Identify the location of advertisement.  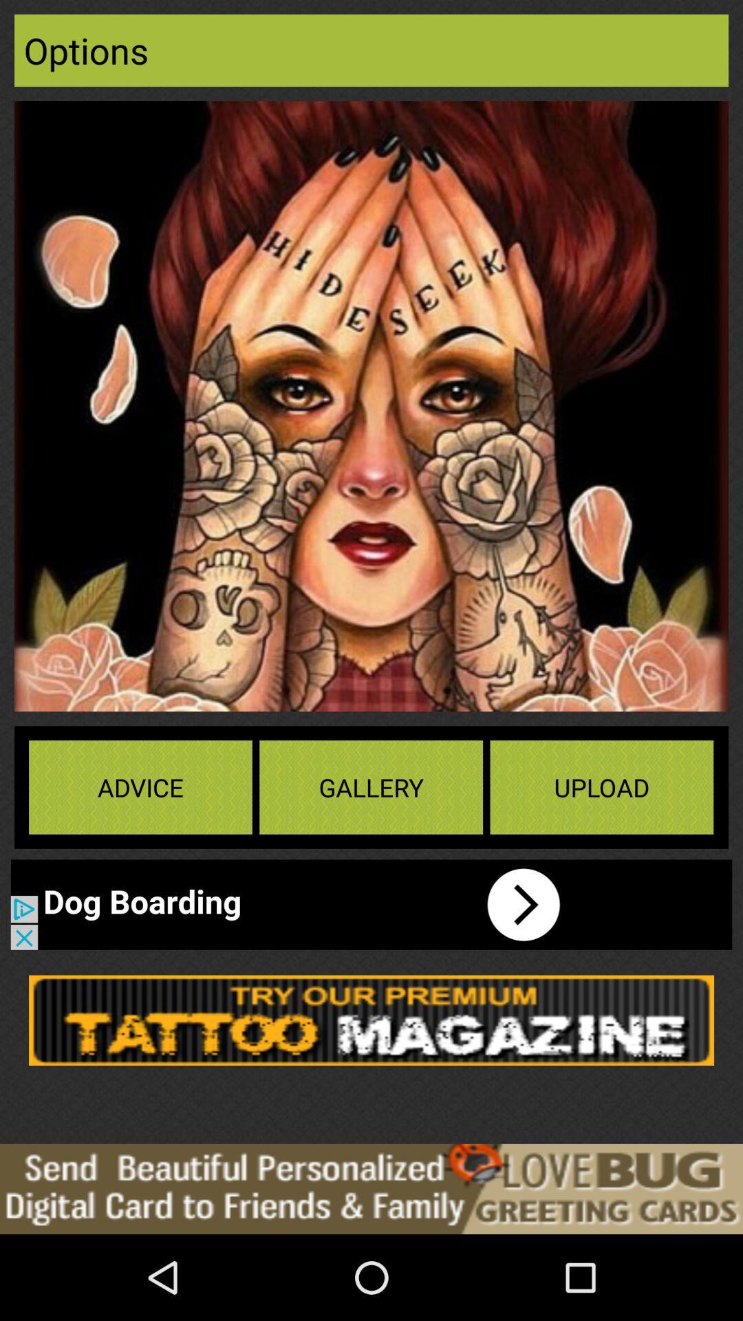
(371, 1188).